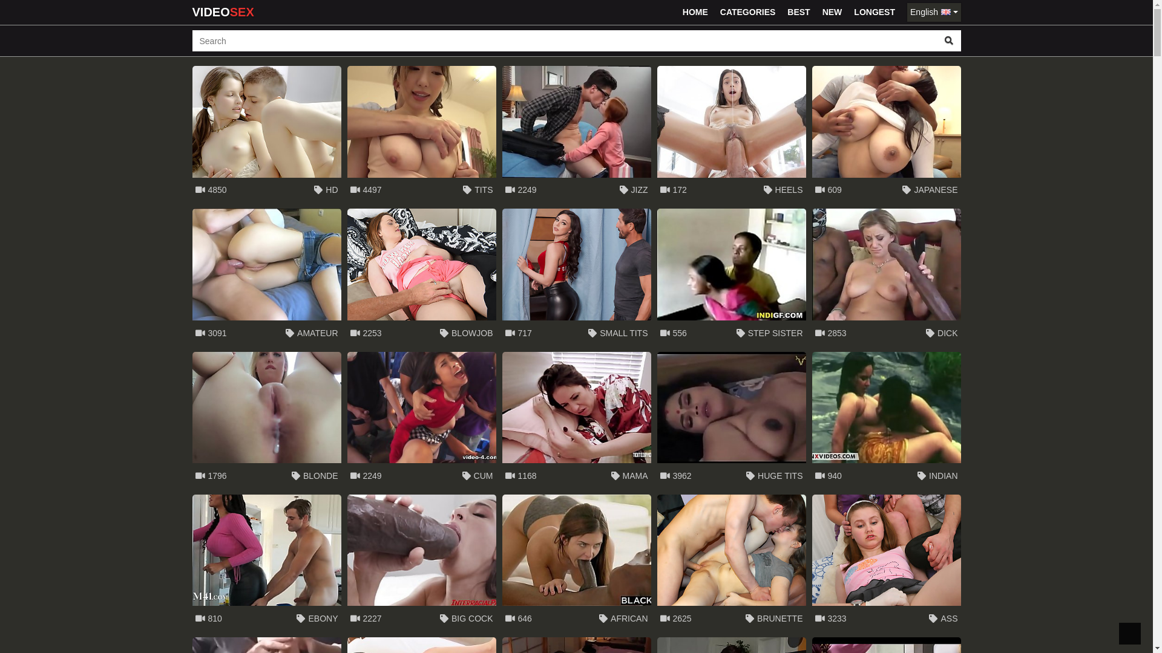 The height and width of the screenshot is (653, 1162). I want to click on '2227, so click(347, 562).